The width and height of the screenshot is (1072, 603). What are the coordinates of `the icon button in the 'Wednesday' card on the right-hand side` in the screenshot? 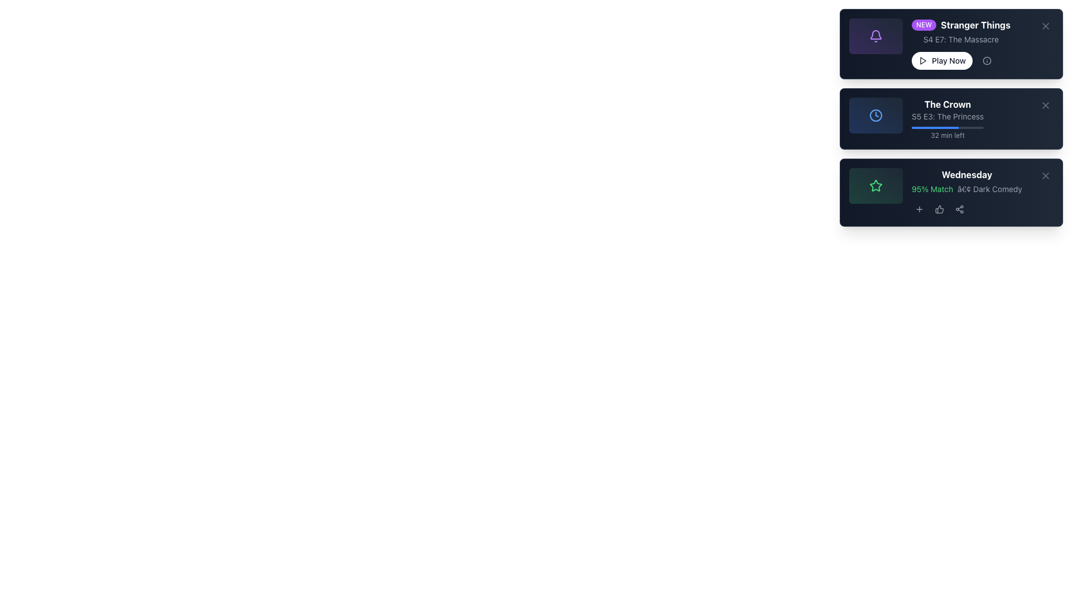 It's located at (939, 209).